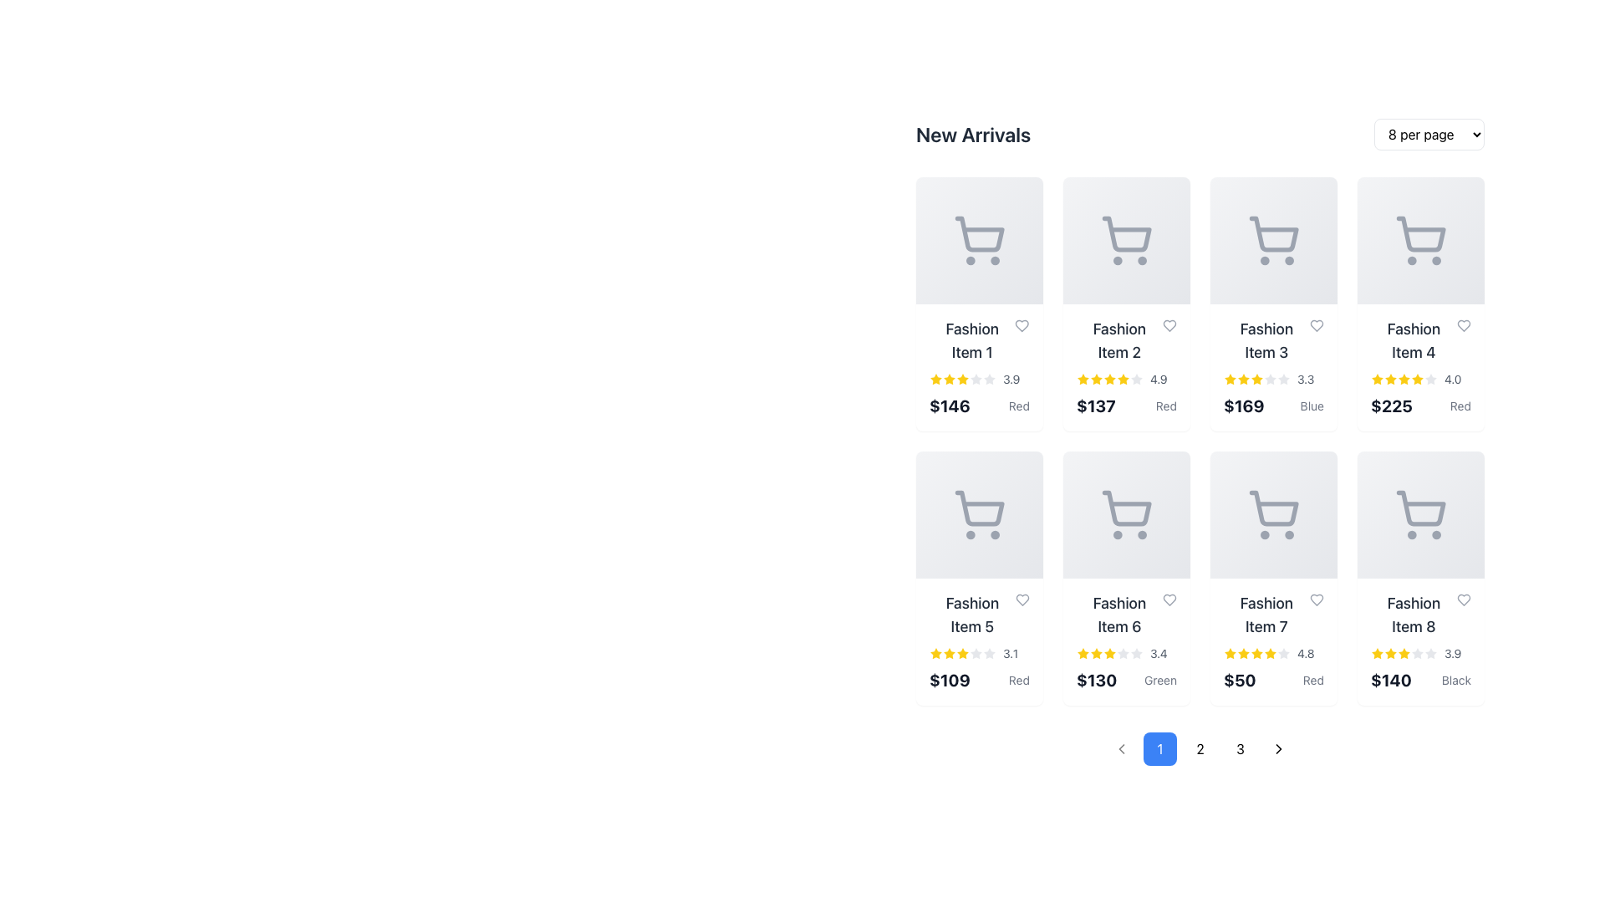 Image resolution: width=1605 pixels, height=903 pixels. What do you see at coordinates (1420, 234) in the screenshot?
I see `the shopping cart icon located in the fourth card of the first row, positioned above 'Fashion Item 4'` at bounding box center [1420, 234].